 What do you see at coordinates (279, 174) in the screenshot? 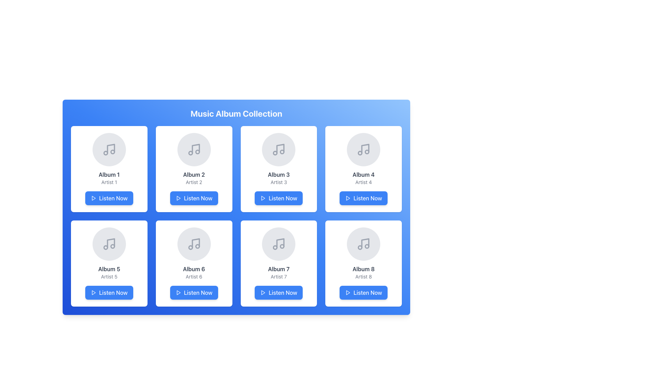
I see `the 'Album 3' text label, which is displayed in bold, dark grey font inside the third card of the top row in the music album grid layout` at bounding box center [279, 174].